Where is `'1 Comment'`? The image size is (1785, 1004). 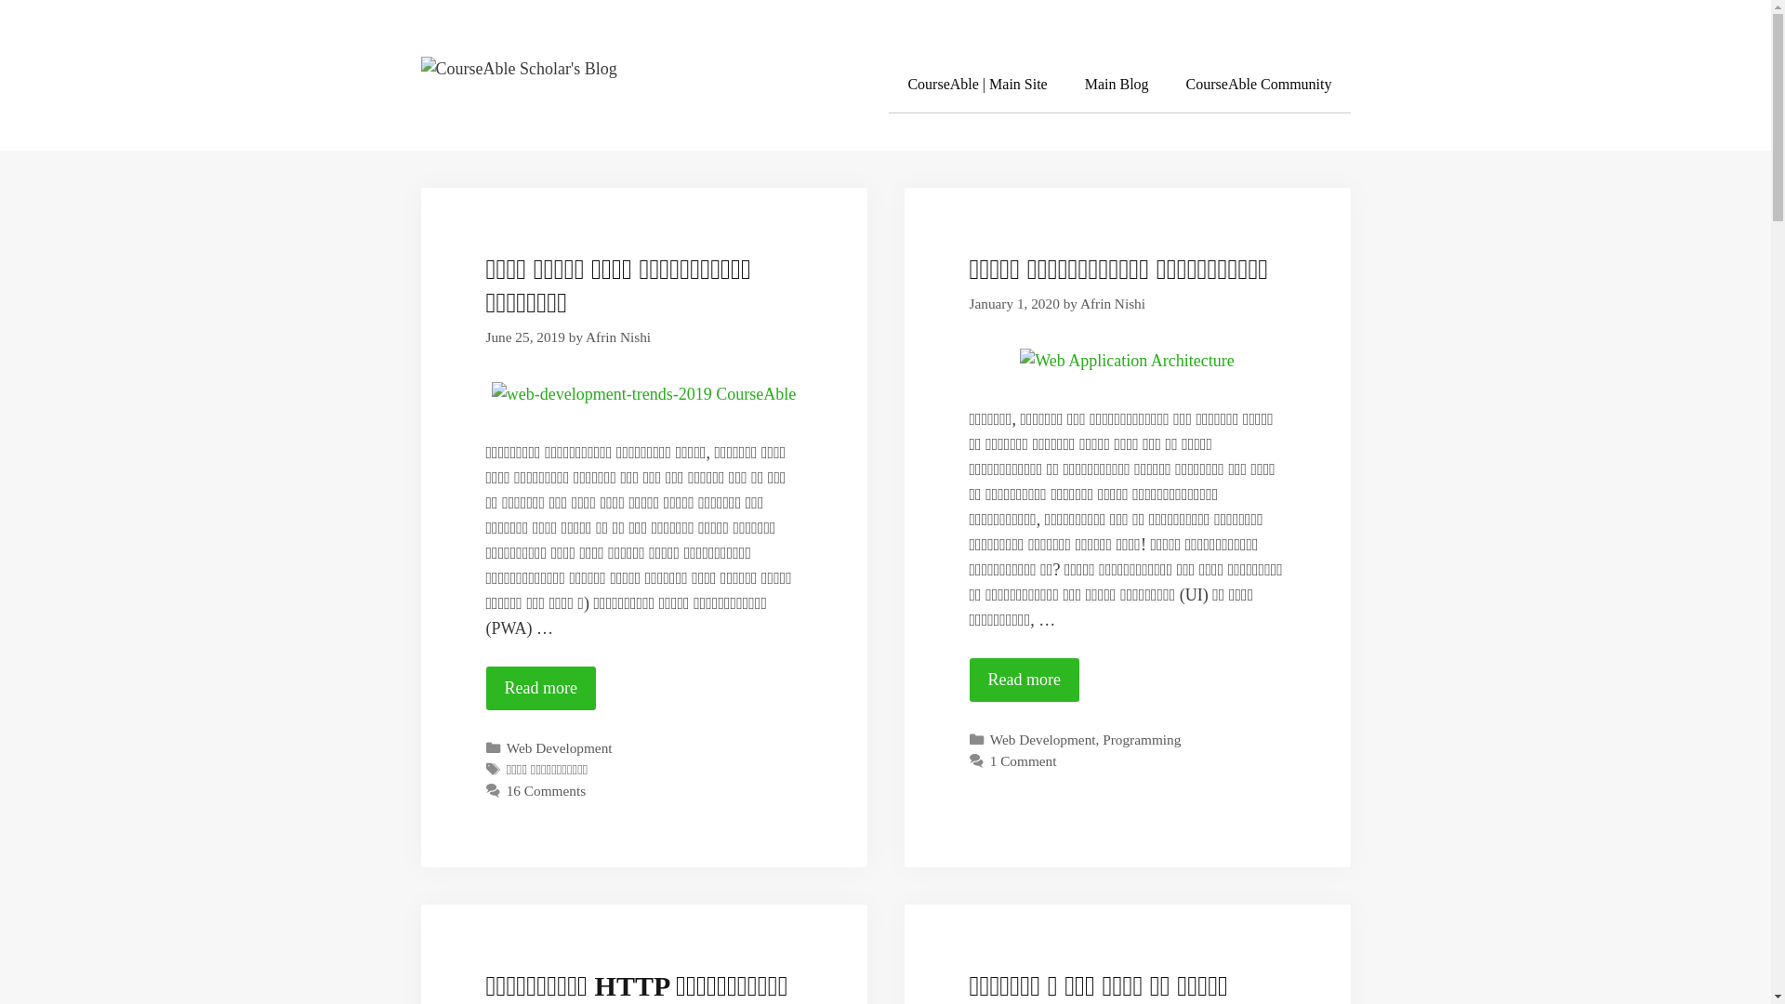 '1 Comment' is located at coordinates (1022, 760).